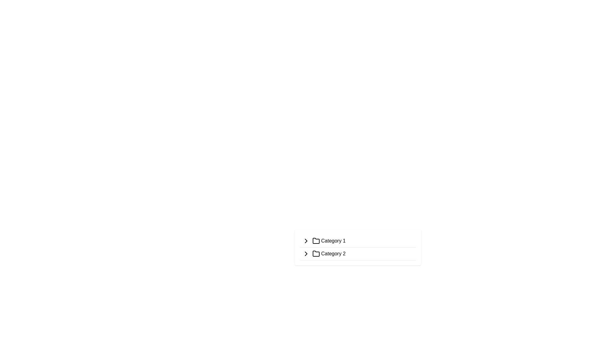  I want to click on the triangular arrow icon located to the left of the text label 'Category 1', so click(306, 241).